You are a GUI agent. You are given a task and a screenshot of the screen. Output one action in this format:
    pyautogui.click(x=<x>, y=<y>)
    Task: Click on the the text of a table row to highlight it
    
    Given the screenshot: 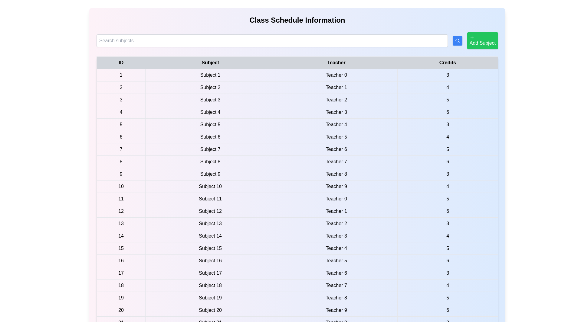 What is the action you would take?
    pyautogui.click(x=121, y=75)
    